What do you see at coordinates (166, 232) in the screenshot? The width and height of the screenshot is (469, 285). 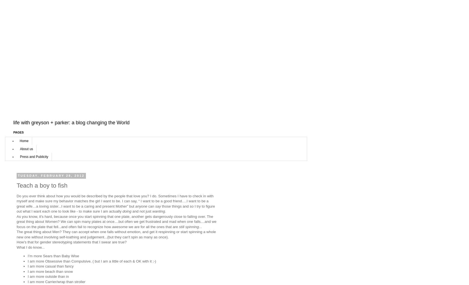 I see `'respinning'` at bounding box center [166, 232].